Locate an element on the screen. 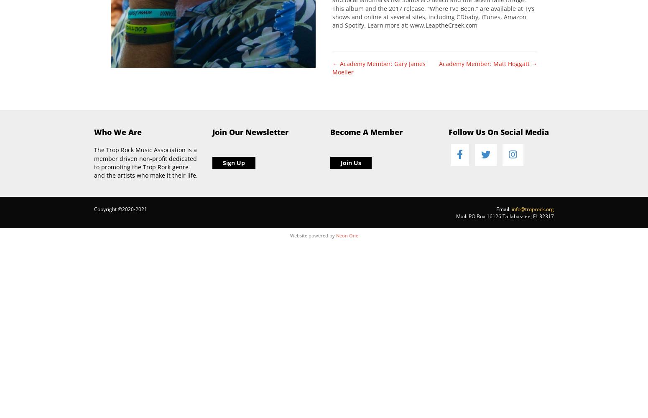  'Academy Member: Matt Hoggatt →' is located at coordinates (488, 63).